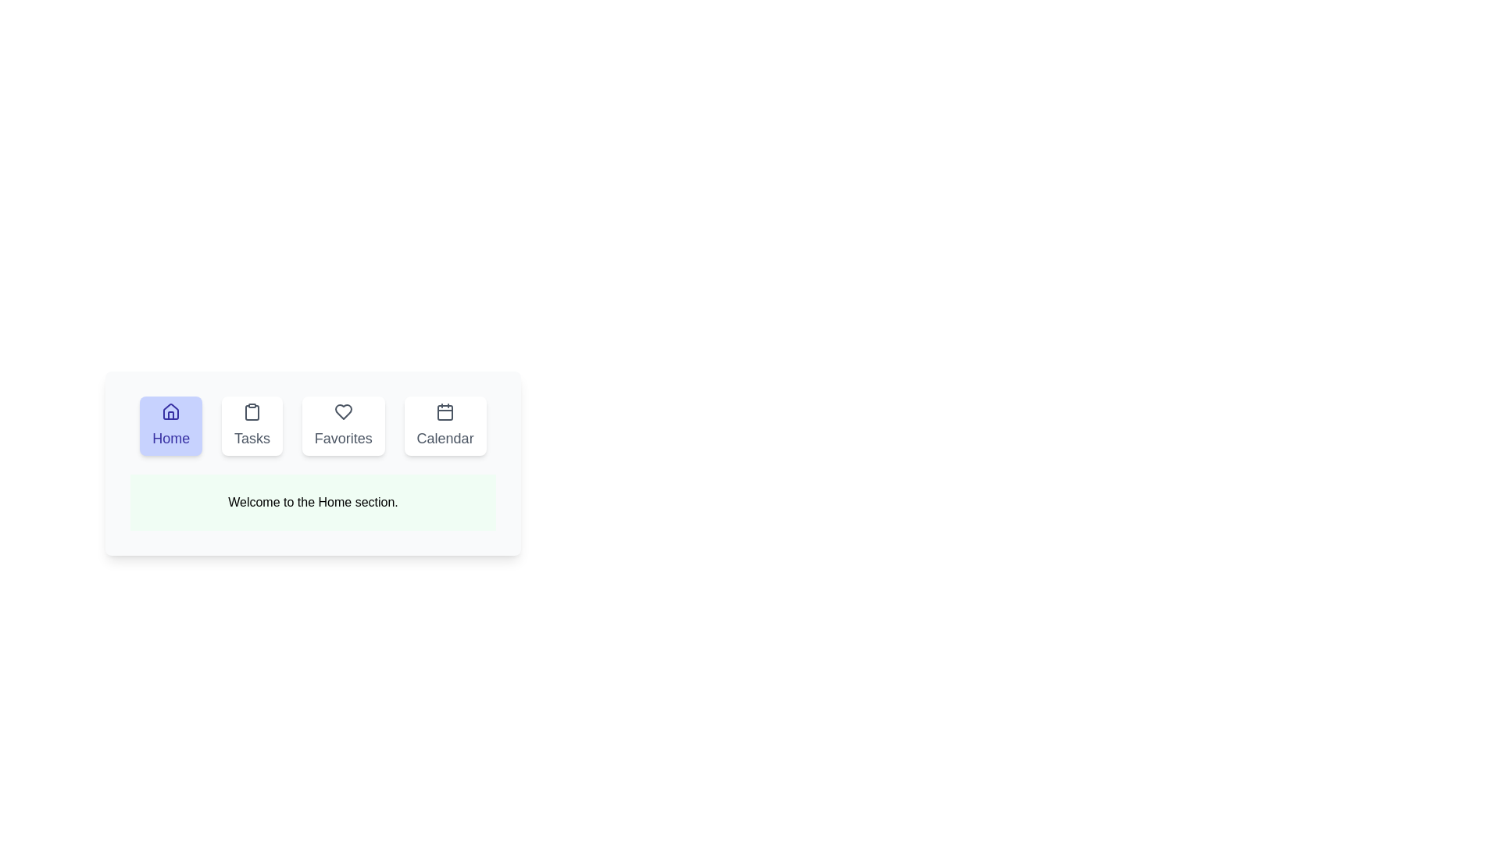  I want to click on the tab button labeled Favorites, so click(341, 426).